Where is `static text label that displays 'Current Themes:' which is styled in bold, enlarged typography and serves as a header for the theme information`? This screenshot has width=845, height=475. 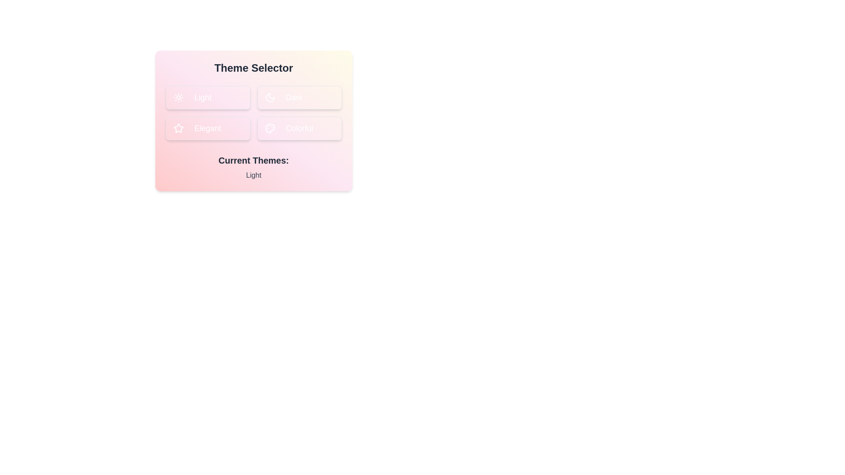
static text label that displays 'Current Themes:' which is styled in bold, enlarged typography and serves as a header for the theme information is located at coordinates (253, 161).